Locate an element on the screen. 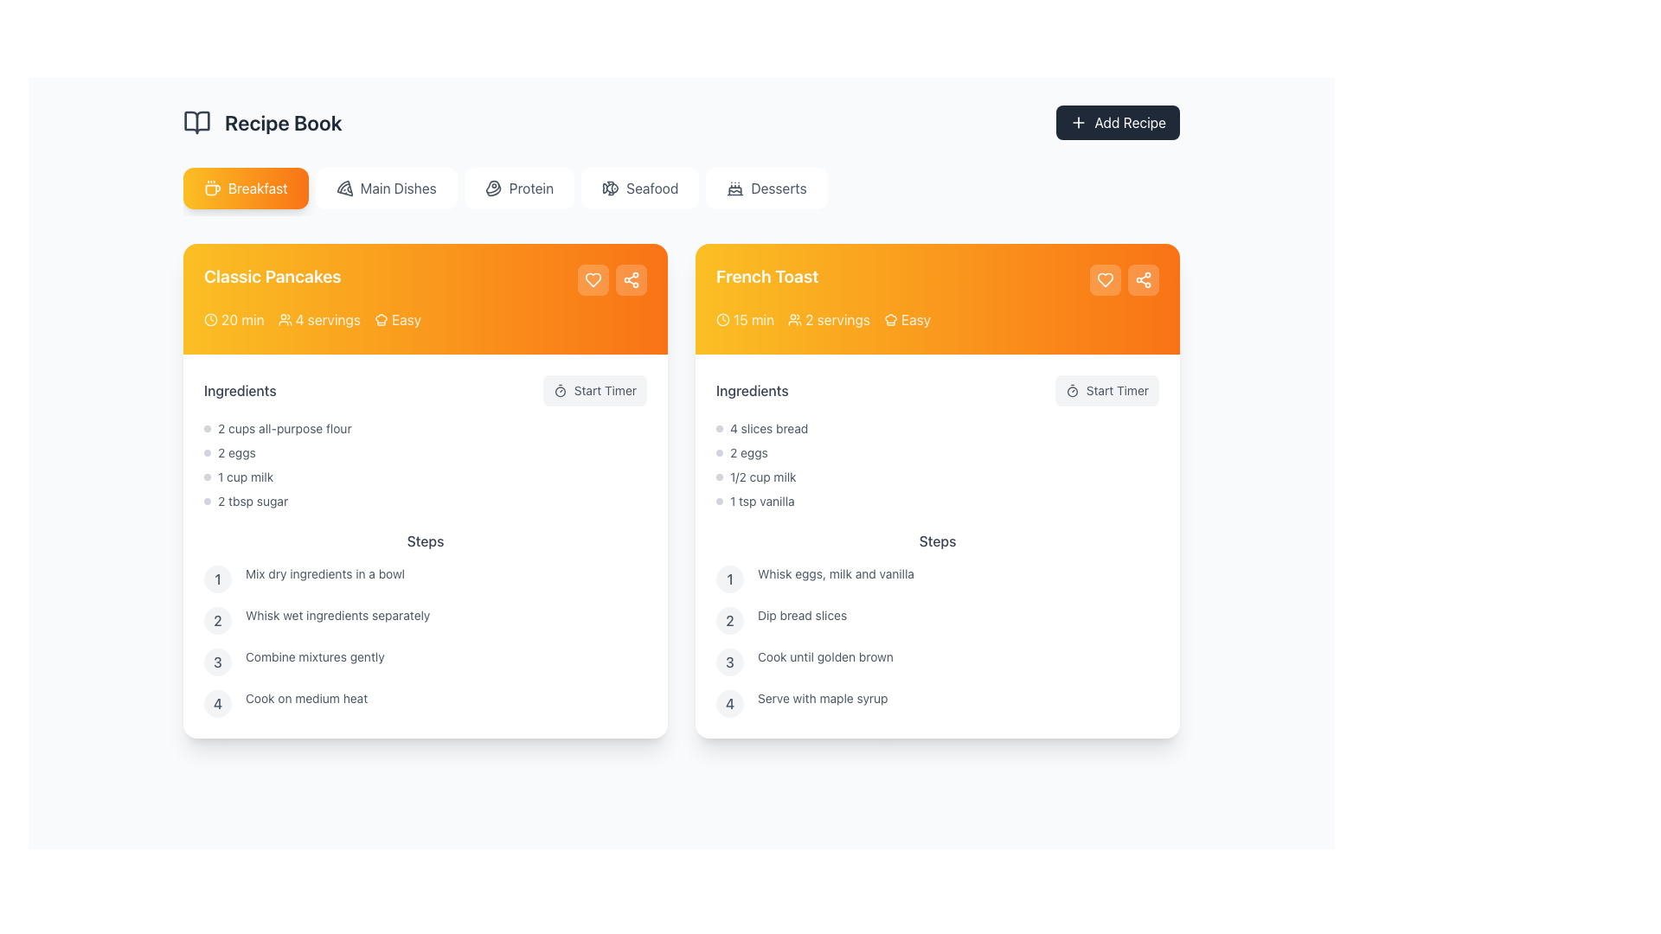  the information from the step '4. Cook on medium heat' in the recipe instruction list of the 'Classic Pancakes' recipe card is located at coordinates (425, 703).